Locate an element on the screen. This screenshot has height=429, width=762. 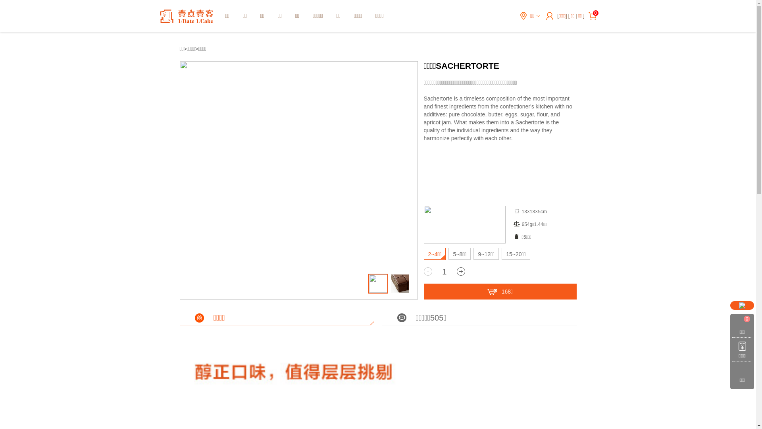
'0' is located at coordinates (594, 13).